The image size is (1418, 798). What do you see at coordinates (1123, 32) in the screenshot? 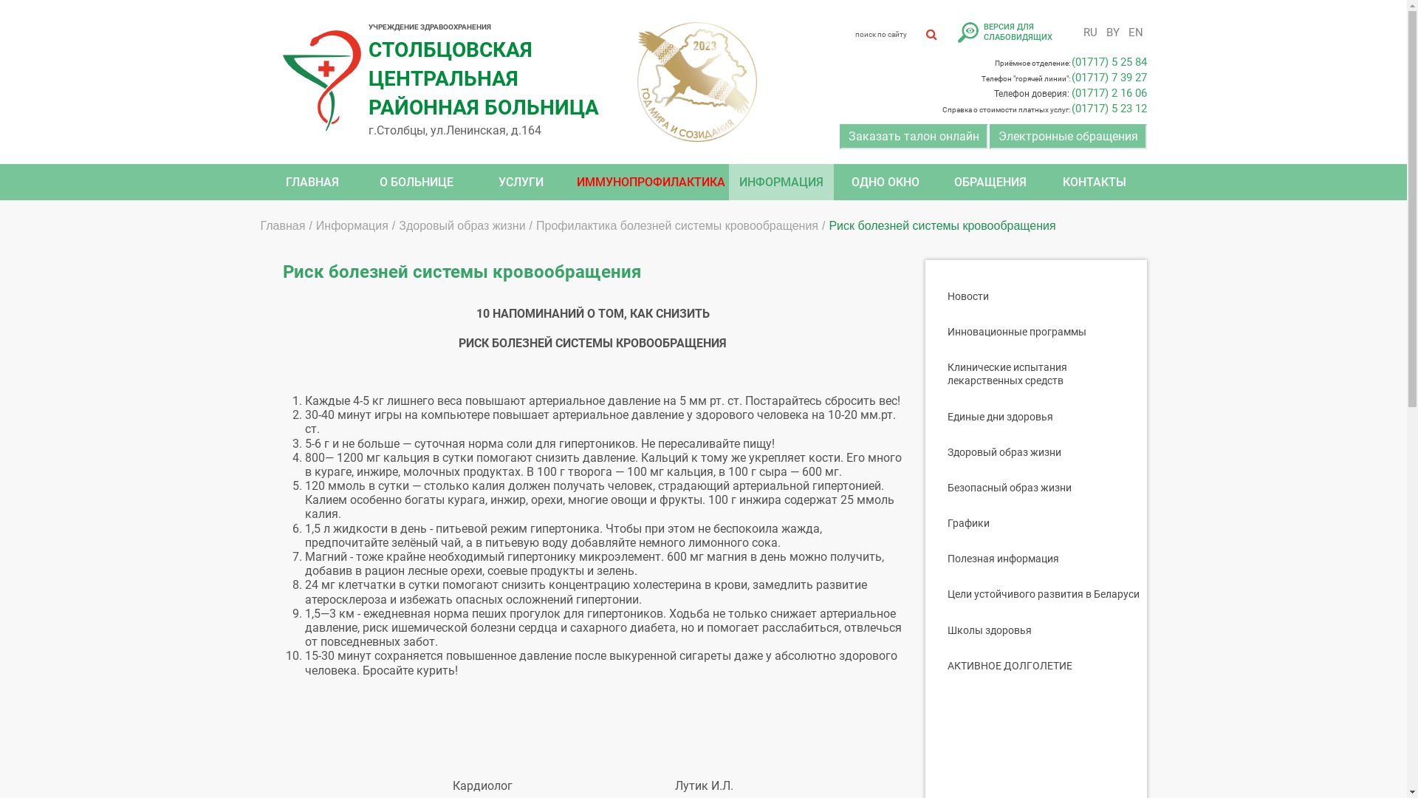
I see `'EN'` at bounding box center [1123, 32].